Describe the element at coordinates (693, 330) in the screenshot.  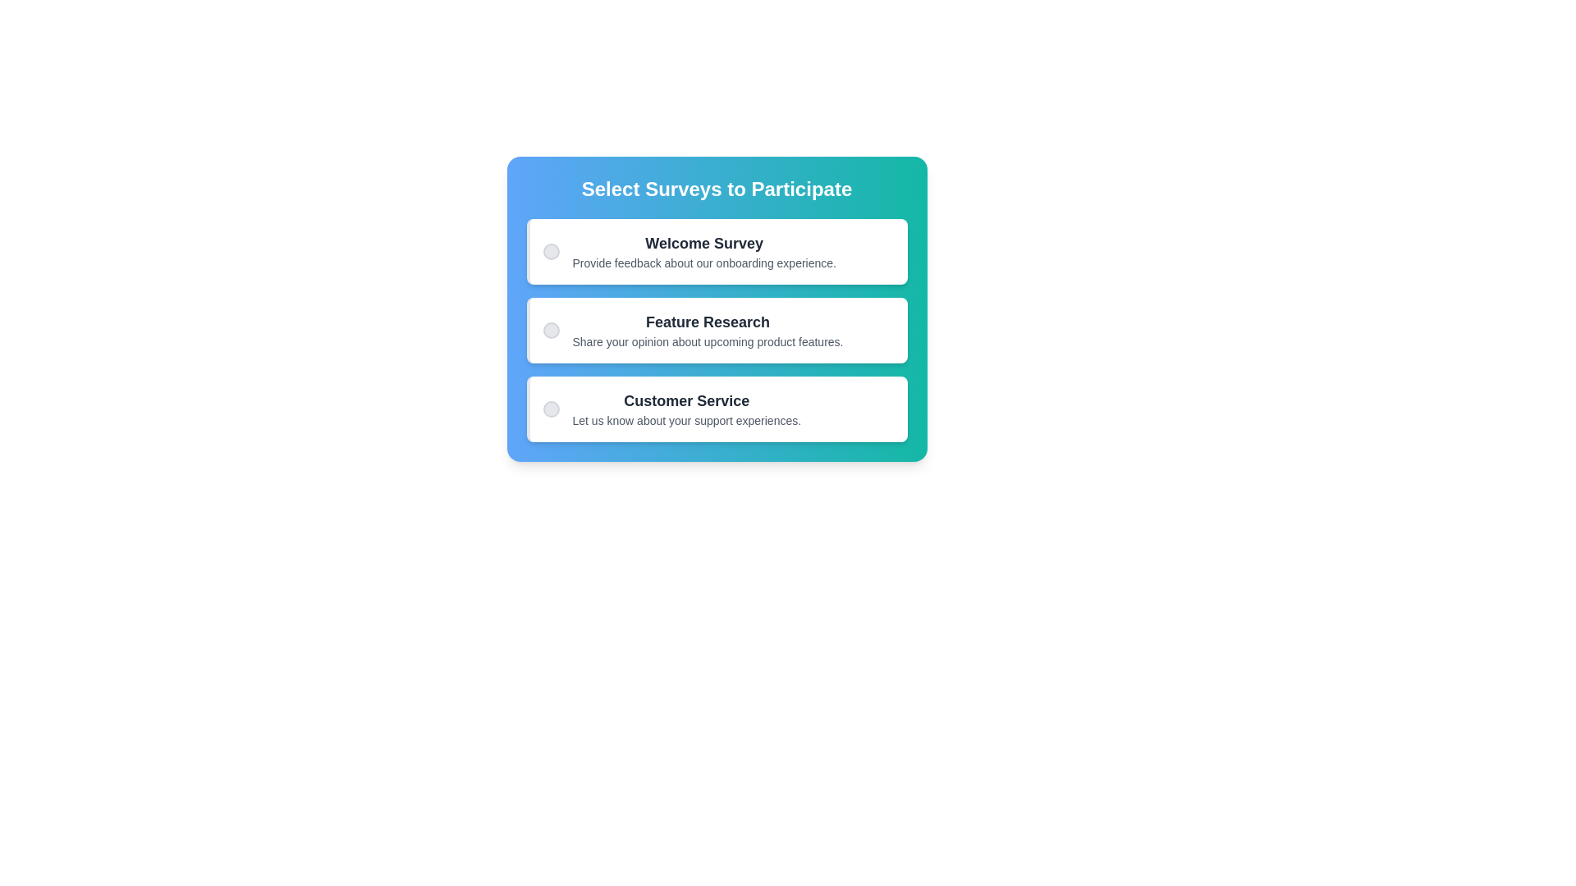
I see `the second card in the vertical list that represents an option for users to provide feedback on upcoming product features, which is located between the 'Welcome Survey' and 'Customer Service' cards` at that location.